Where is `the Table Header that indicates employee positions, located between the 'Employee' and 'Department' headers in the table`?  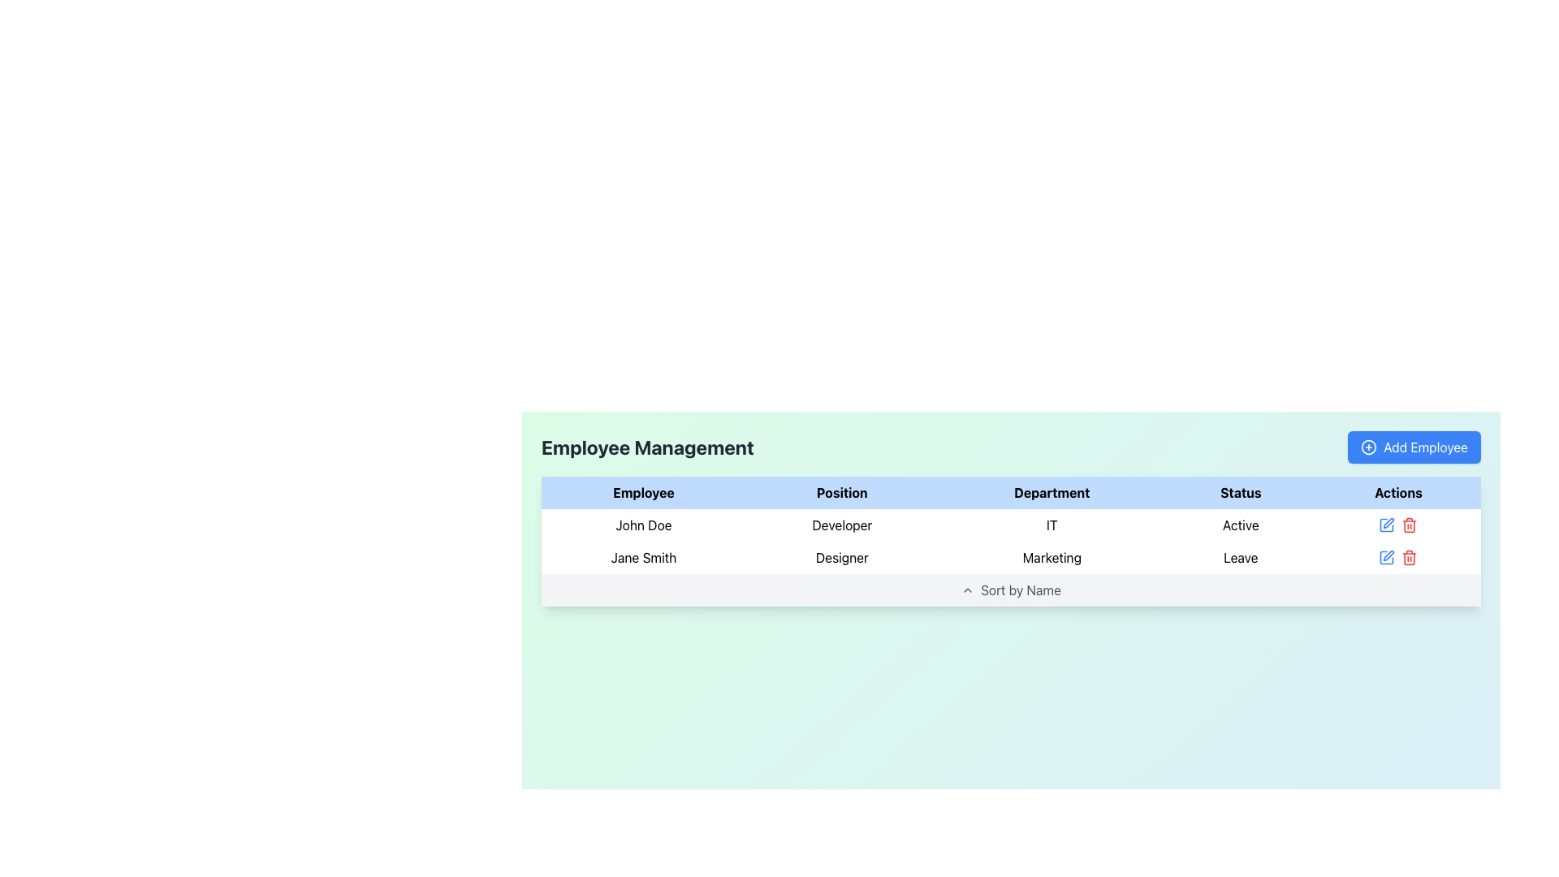 the Table Header that indicates employee positions, located between the 'Employee' and 'Department' headers in the table is located at coordinates (842, 491).